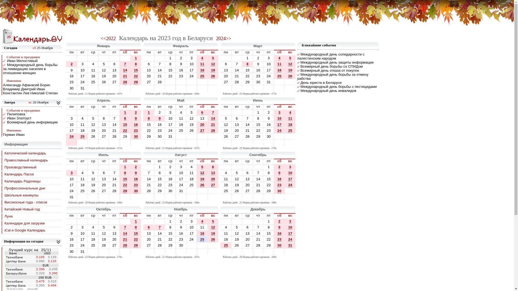  I want to click on '1', so click(136, 58).